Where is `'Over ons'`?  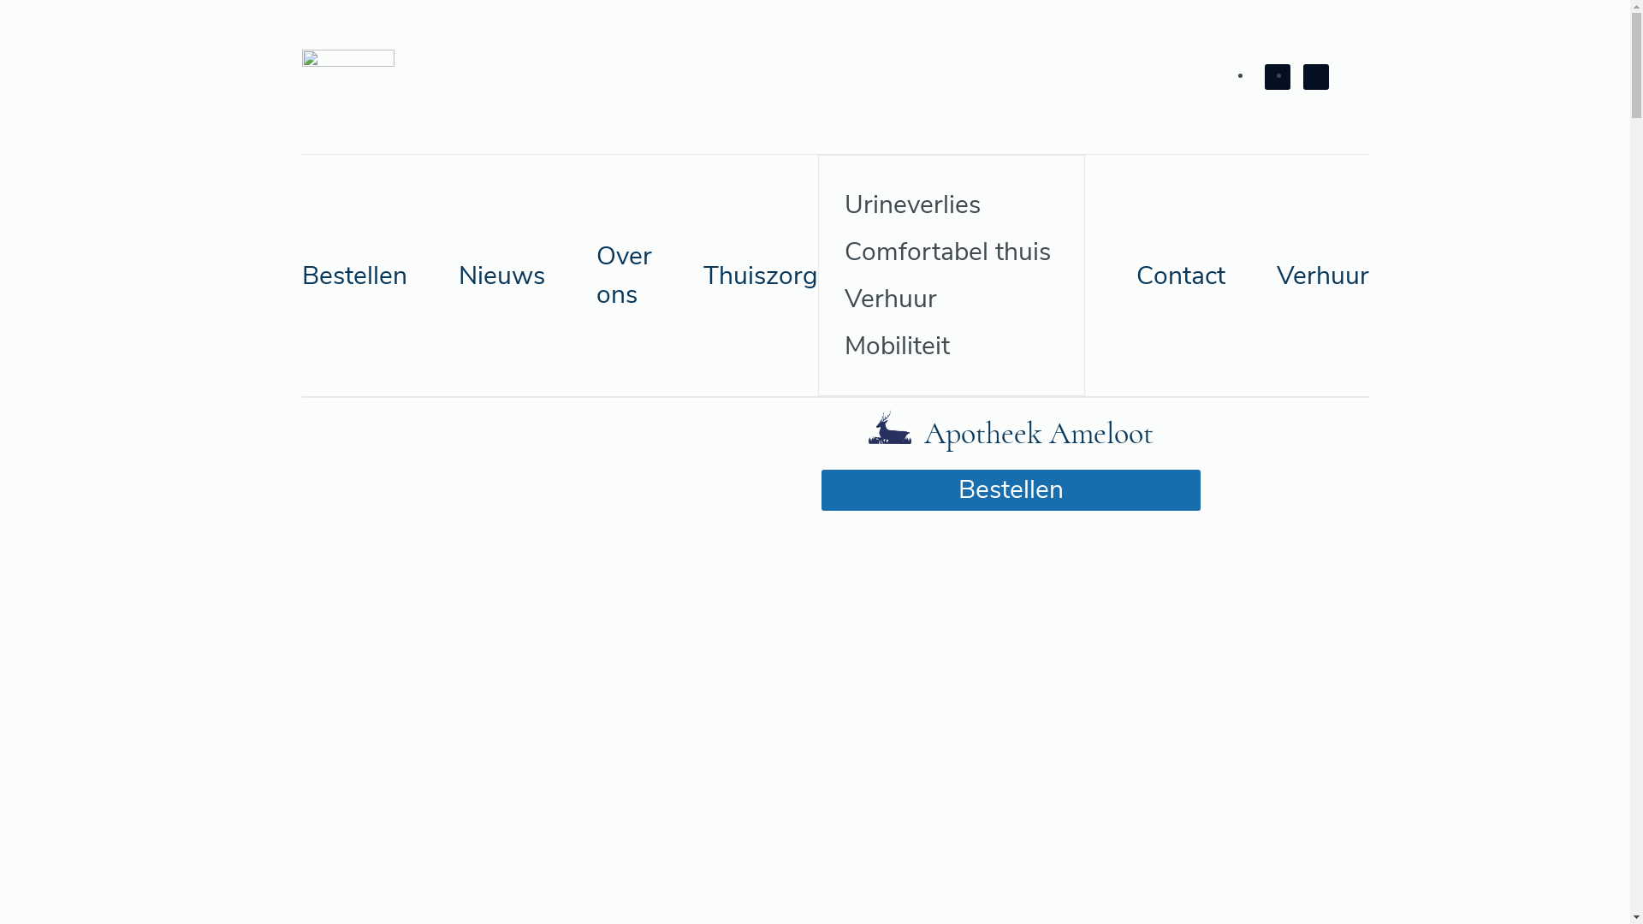
'Over ons' is located at coordinates (596, 274).